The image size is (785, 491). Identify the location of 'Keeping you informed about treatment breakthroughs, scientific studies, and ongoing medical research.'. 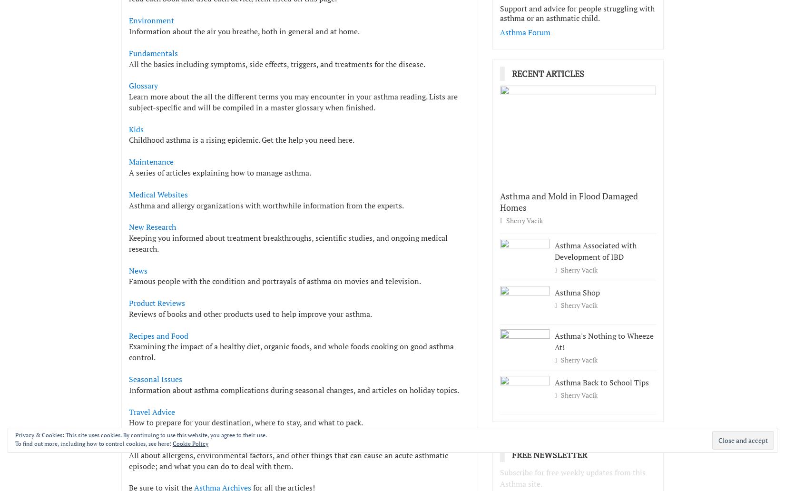
(128, 243).